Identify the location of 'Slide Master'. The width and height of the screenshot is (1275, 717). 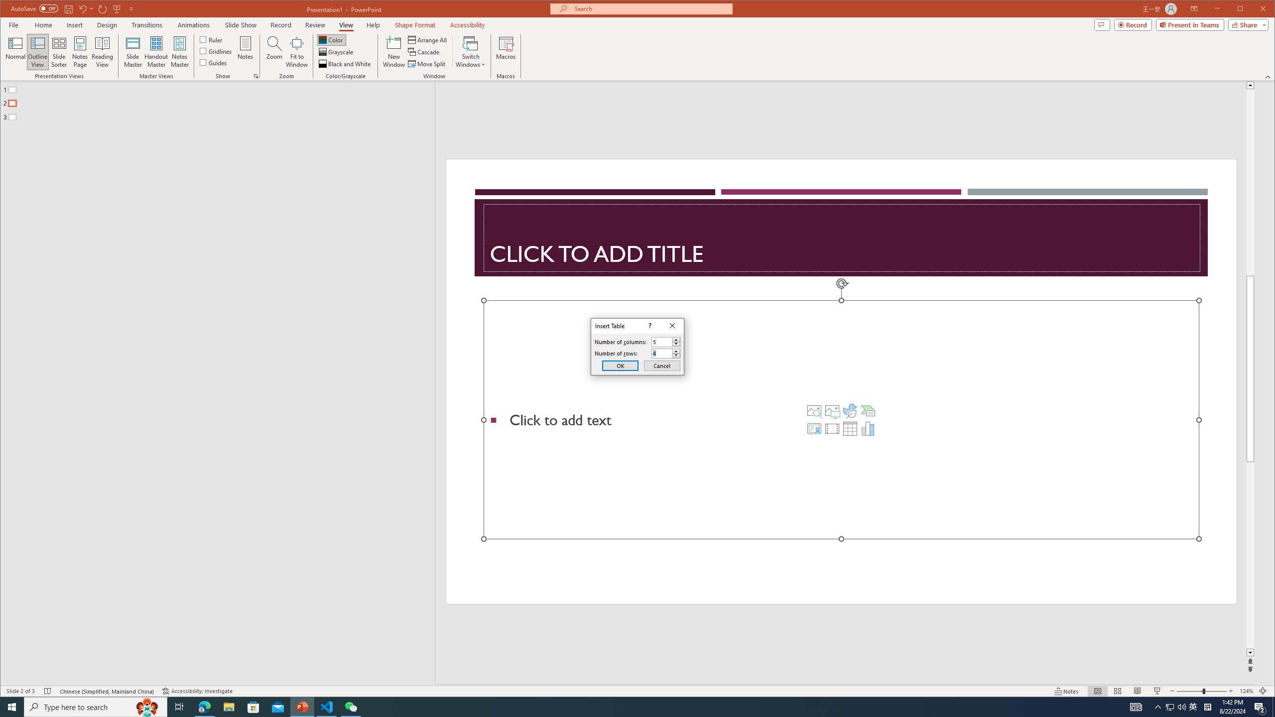
(132, 51).